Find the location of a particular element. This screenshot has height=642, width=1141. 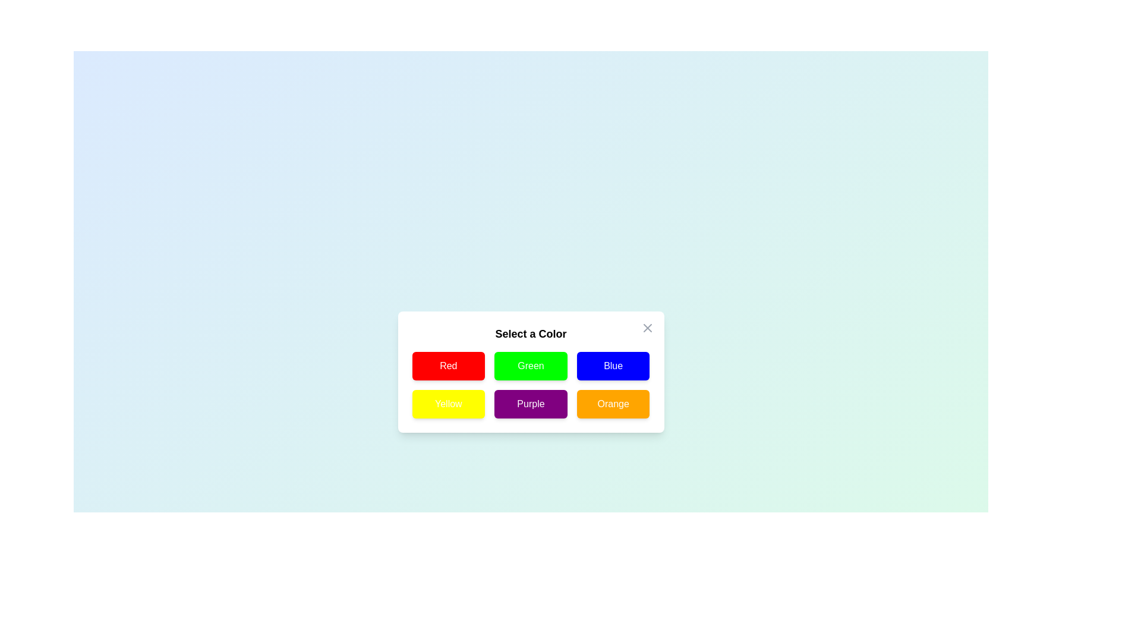

the button corresponding to the color Green is located at coordinates (530, 366).